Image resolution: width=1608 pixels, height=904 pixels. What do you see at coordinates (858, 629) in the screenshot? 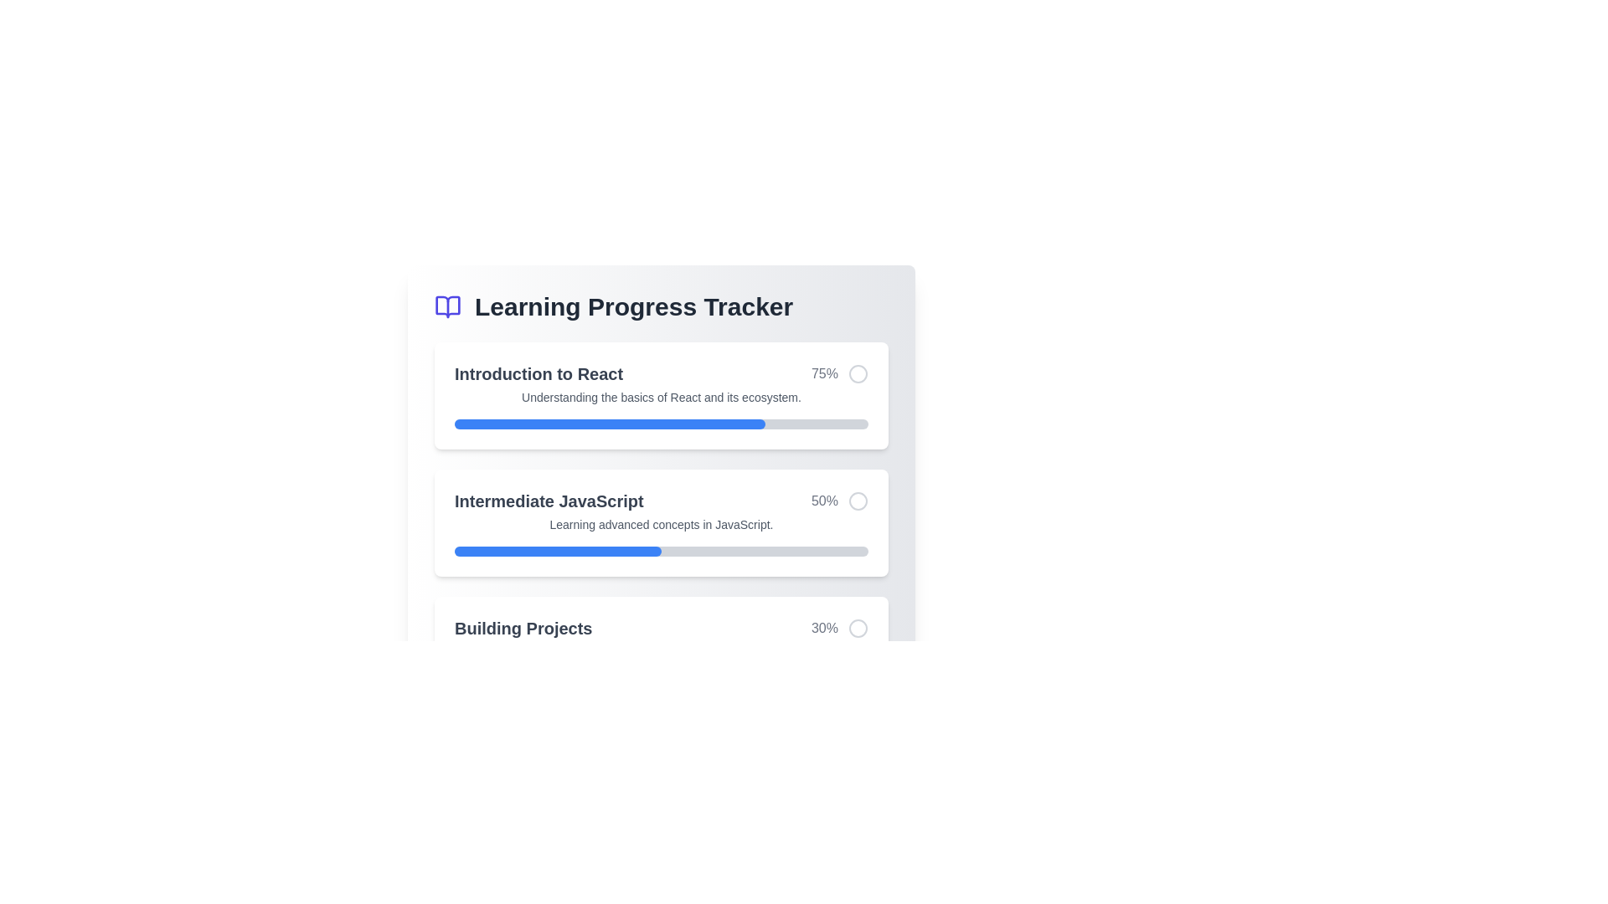
I see `the circular Radio button located on the right side of the 'Building Projects' progress tracker item` at bounding box center [858, 629].